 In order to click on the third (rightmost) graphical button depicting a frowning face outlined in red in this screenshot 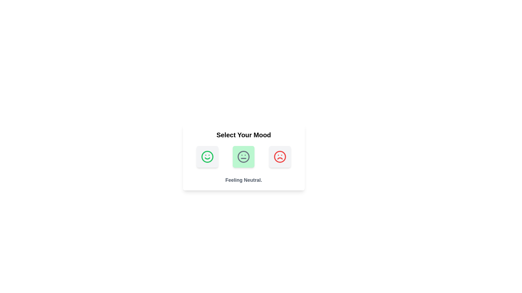, I will do `click(280, 157)`.